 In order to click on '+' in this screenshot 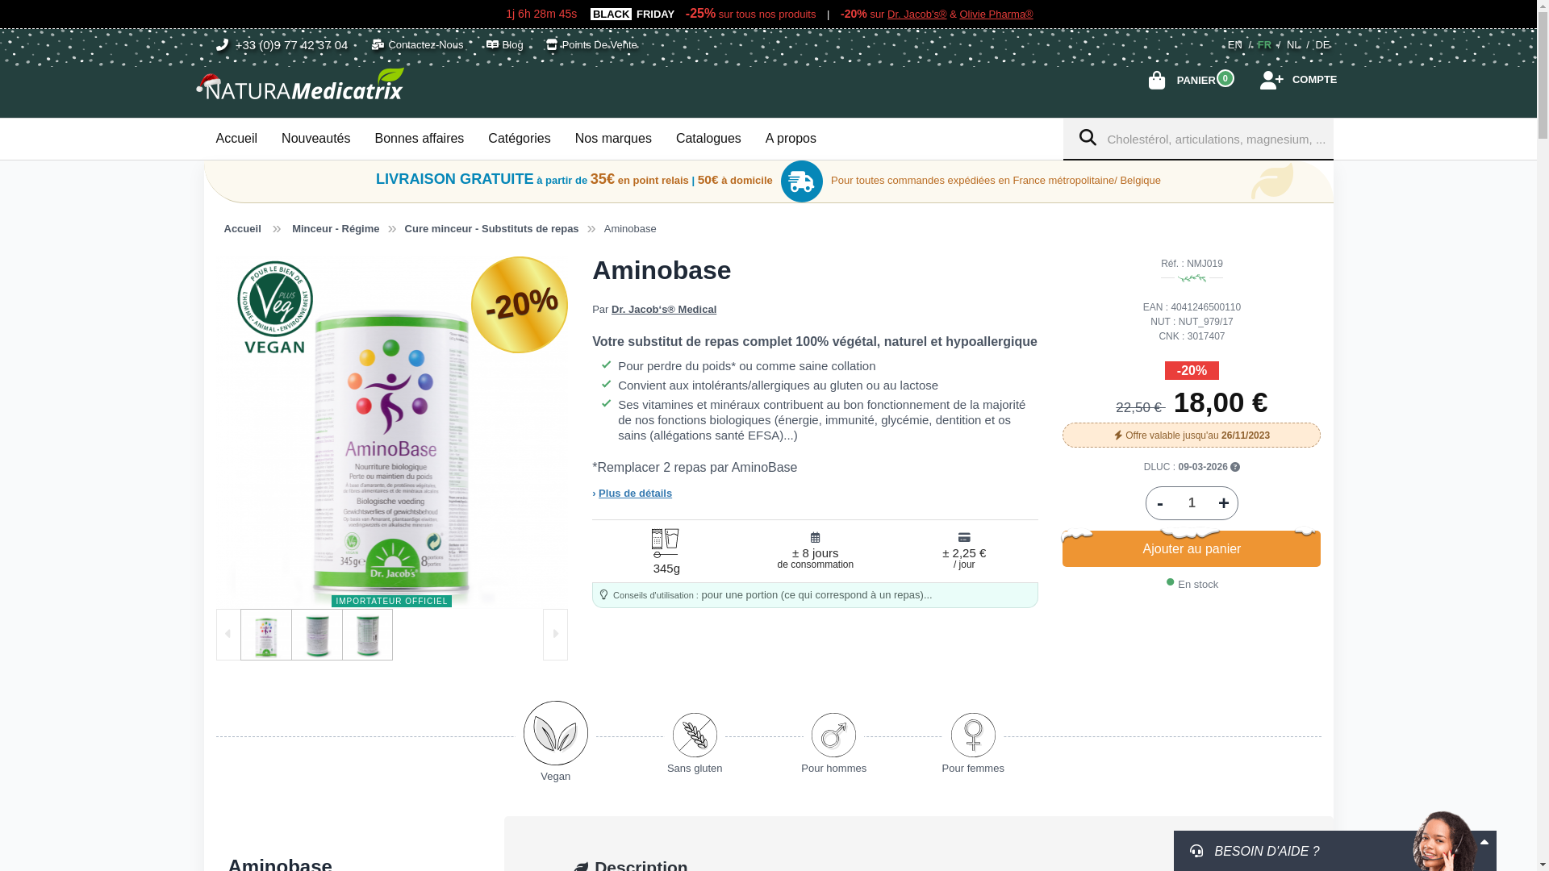, I will do `click(1223, 502)`.